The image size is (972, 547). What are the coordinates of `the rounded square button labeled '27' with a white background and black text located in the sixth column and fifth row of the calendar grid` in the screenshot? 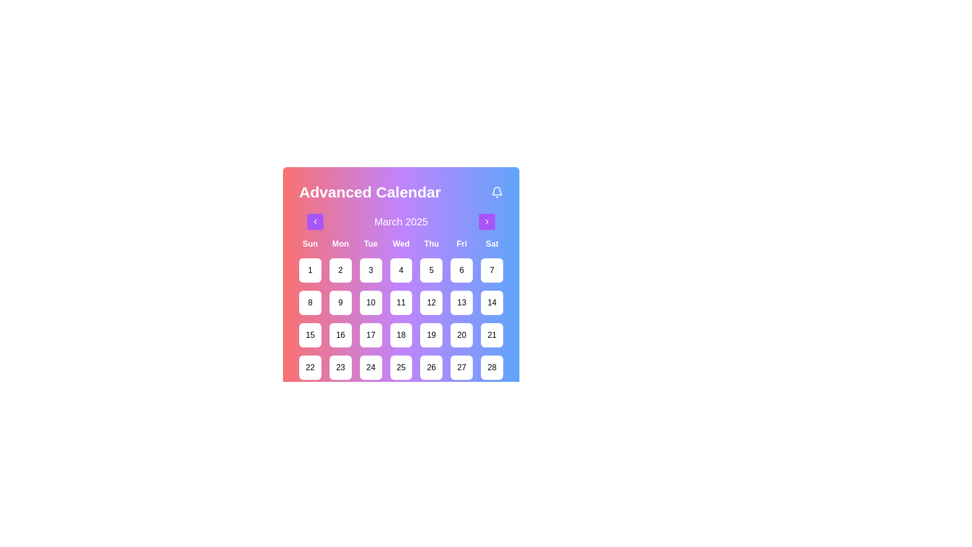 It's located at (461, 367).